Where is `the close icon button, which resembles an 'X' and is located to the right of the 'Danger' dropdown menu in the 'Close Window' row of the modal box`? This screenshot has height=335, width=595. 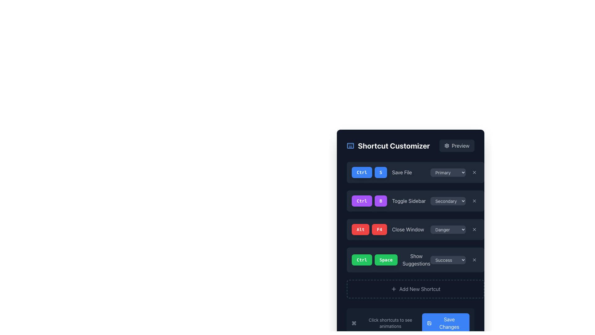 the close icon button, which resembles an 'X' and is located to the right of the 'Danger' dropdown menu in the 'Close Window' row of the modal box is located at coordinates (474, 230).